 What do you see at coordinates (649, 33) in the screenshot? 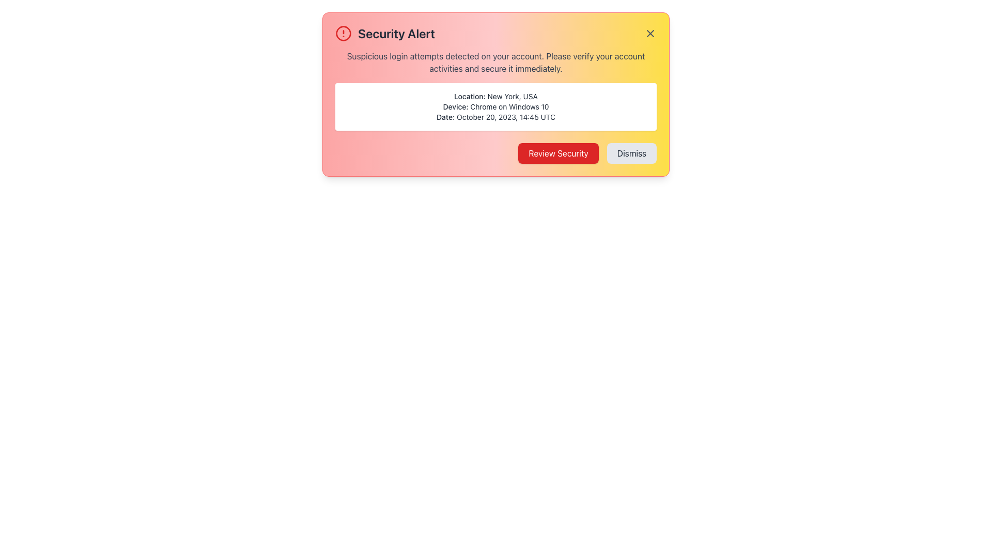
I see `the close icon represented by an 'X' shape in the top-right corner of the notification box with 'Security Alert' title to indicate interactivity` at bounding box center [649, 33].